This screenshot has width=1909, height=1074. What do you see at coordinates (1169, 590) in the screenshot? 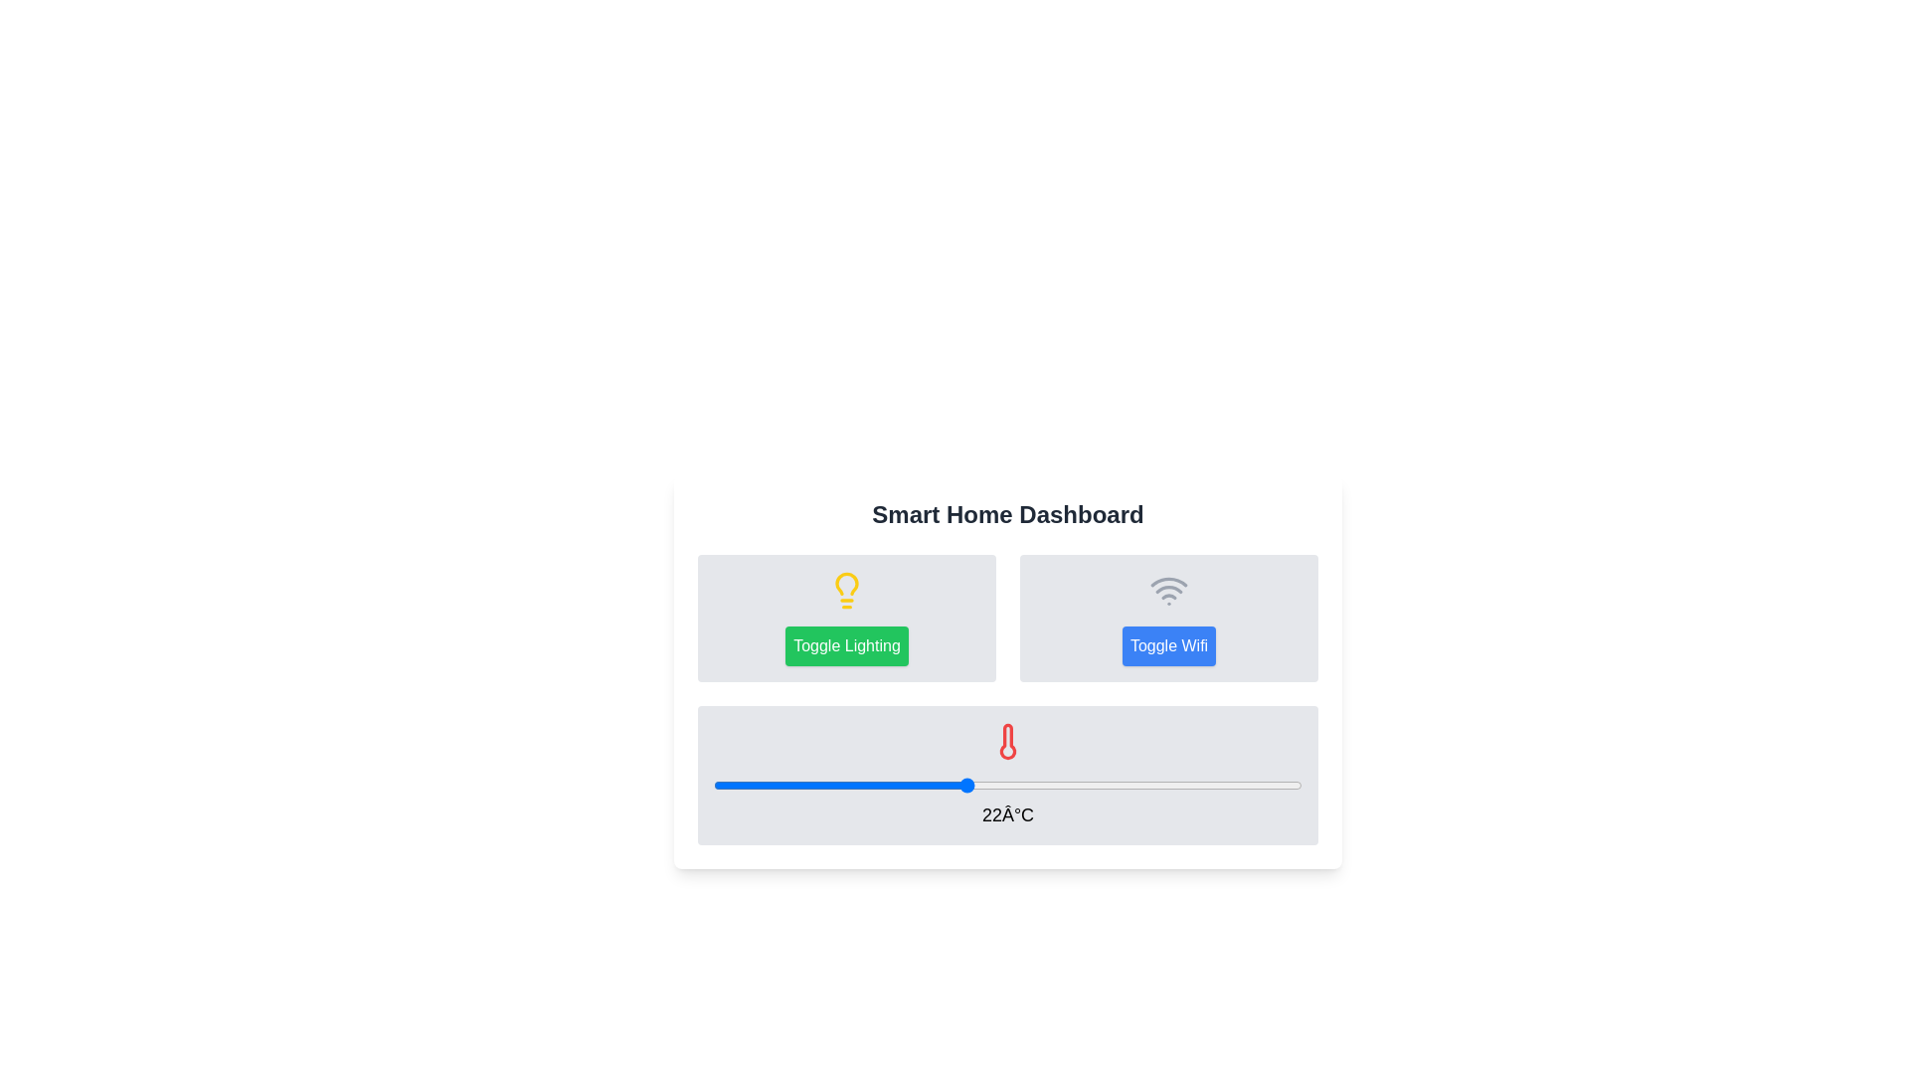
I see `the Wi-Fi signal icon, which is styled in light gray and is located at the center of the right card in the top row of the 'Smart Home Dashboard' interface` at bounding box center [1169, 590].